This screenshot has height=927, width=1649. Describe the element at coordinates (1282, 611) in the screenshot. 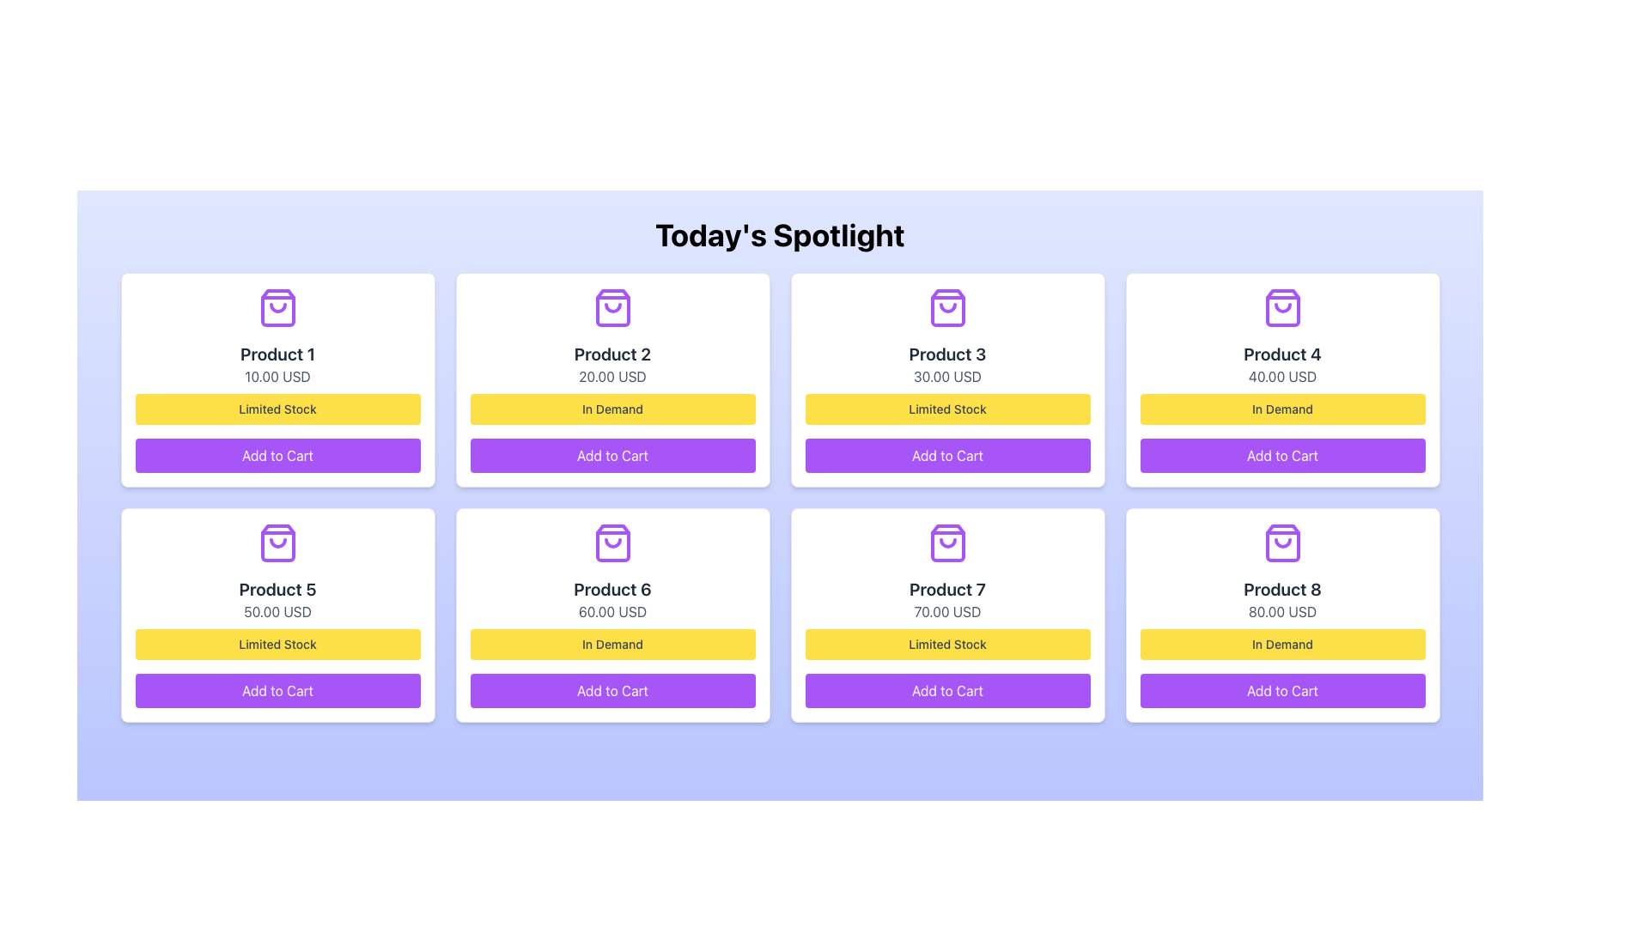

I see `displayed price information of 'Product 8' located in the bottom row, last column of the grid layout, directly below the title and above the 'In Demand' button` at that location.